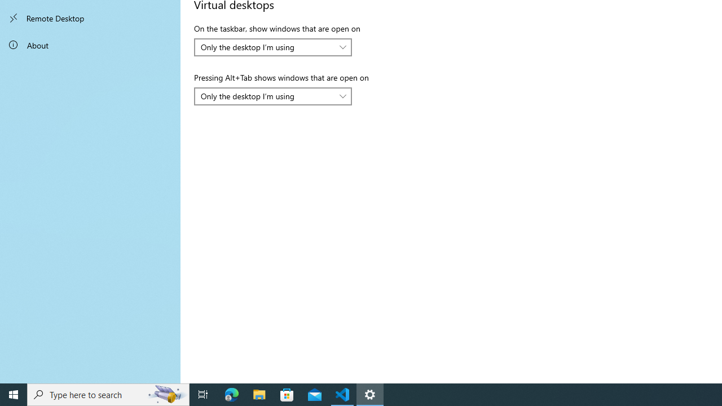 This screenshot has height=406, width=722. What do you see at coordinates (273, 96) in the screenshot?
I see `'Pressing Alt+Tab shows windows that are open on'` at bounding box center [273, 96].